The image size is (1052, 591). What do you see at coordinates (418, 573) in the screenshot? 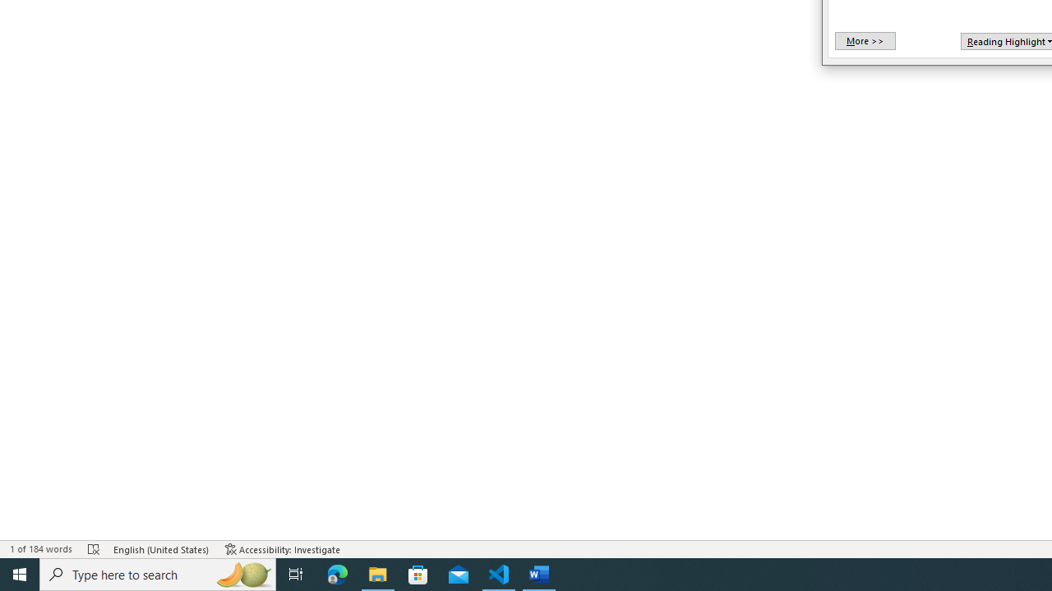
I see `'Microsoft Store'` at bounding box center [418, 573].